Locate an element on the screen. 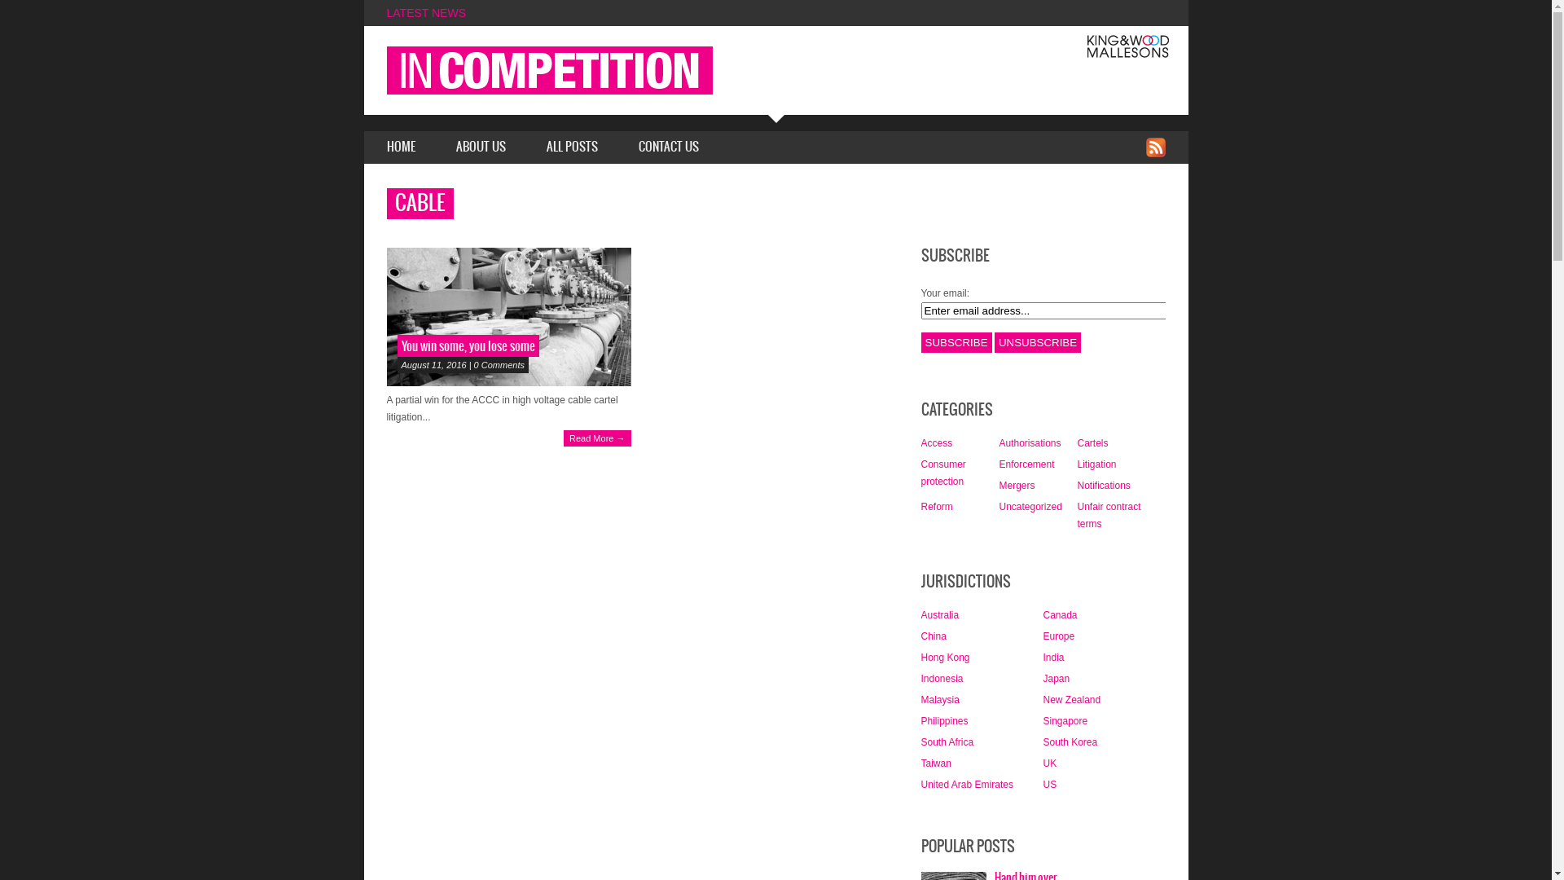  'ALL POSTS' is located at coordinates (571, 147).